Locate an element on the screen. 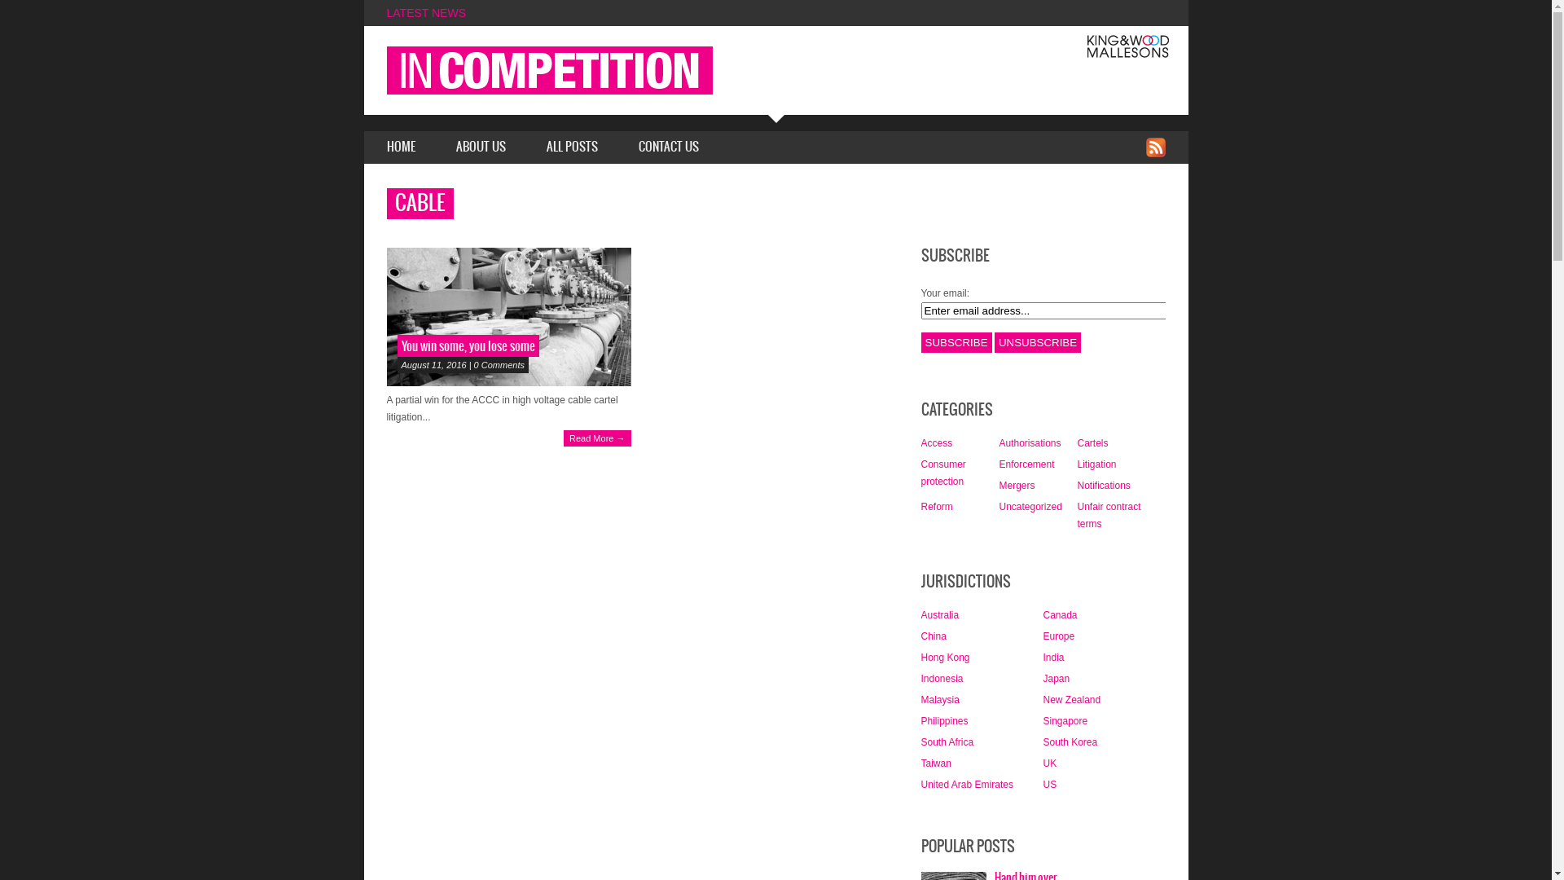  'ALL POSTS' is located at coordinates (571, 147).